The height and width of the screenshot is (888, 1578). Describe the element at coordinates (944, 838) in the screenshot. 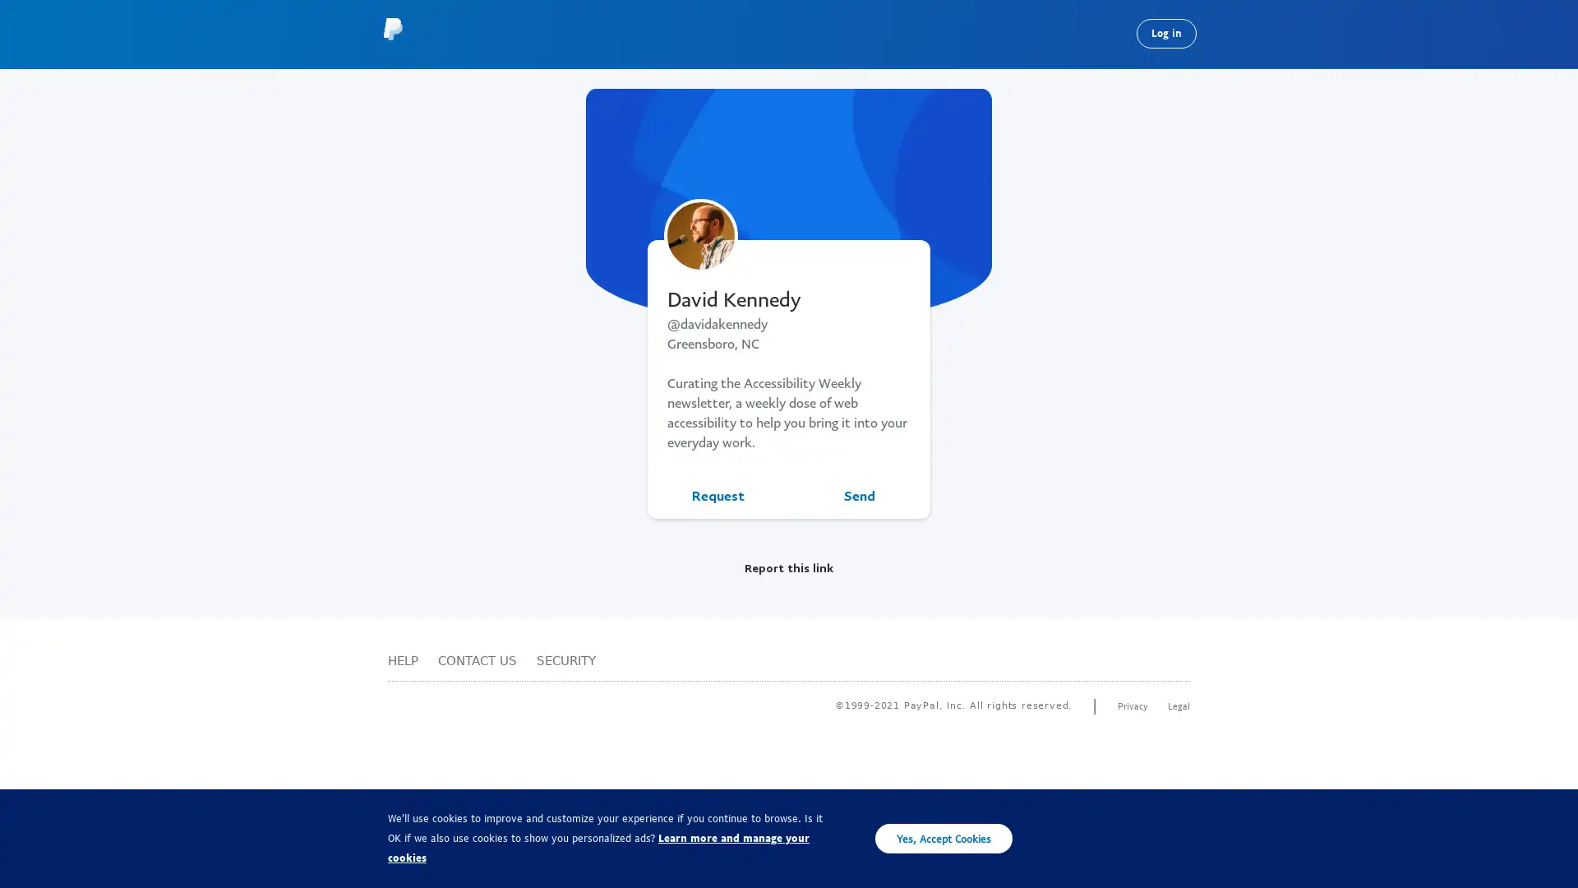

I see `Yes, Accept Cookies` at that location.